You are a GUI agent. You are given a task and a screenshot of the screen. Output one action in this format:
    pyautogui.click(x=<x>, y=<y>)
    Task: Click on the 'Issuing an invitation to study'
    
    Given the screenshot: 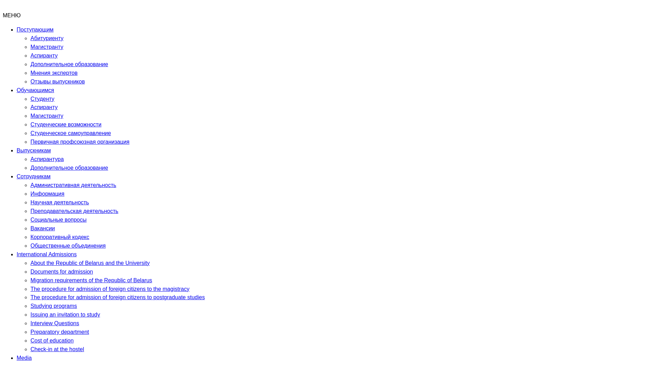 What is the action you would take?
    pyautogui.click(x=65, y=314)
    